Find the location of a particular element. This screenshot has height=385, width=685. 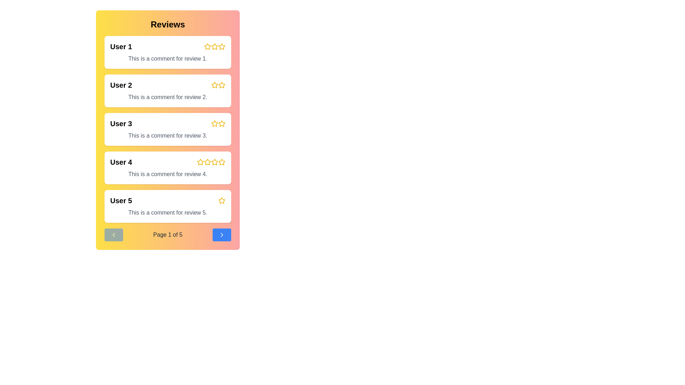

the star icon with a hollow center, styled in yellow, located next to the review information for 'User 5' in the Reviews section is located at coordinates (222, 200).